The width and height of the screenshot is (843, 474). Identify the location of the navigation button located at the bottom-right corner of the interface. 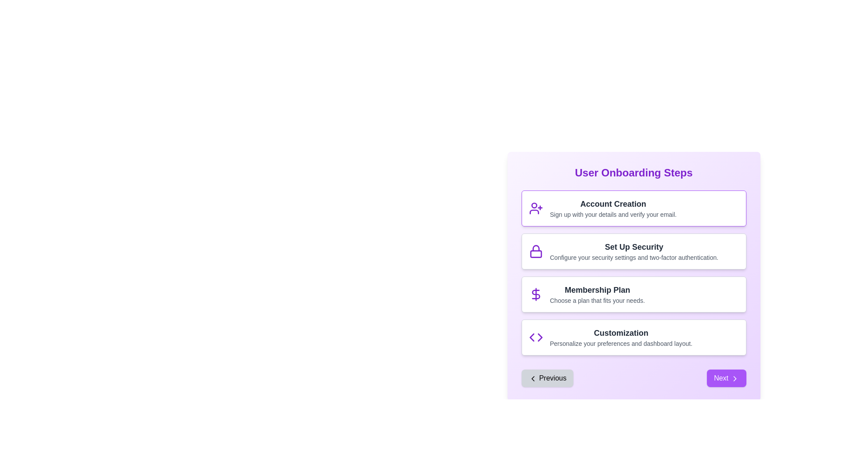
(726, 377).